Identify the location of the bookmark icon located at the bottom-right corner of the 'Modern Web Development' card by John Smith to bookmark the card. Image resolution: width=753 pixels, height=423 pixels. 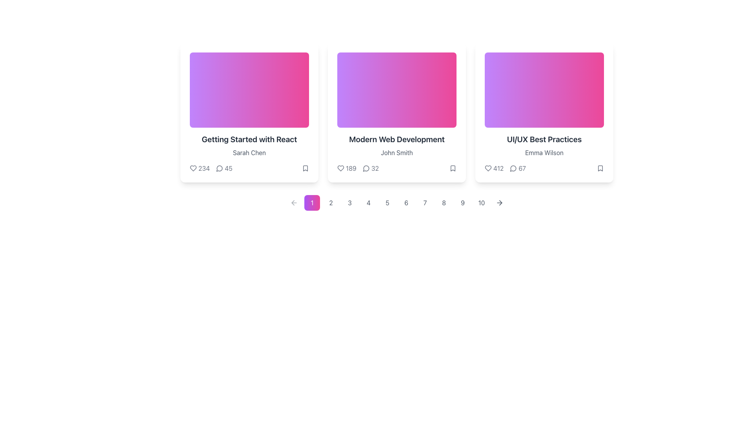
(453, 168).